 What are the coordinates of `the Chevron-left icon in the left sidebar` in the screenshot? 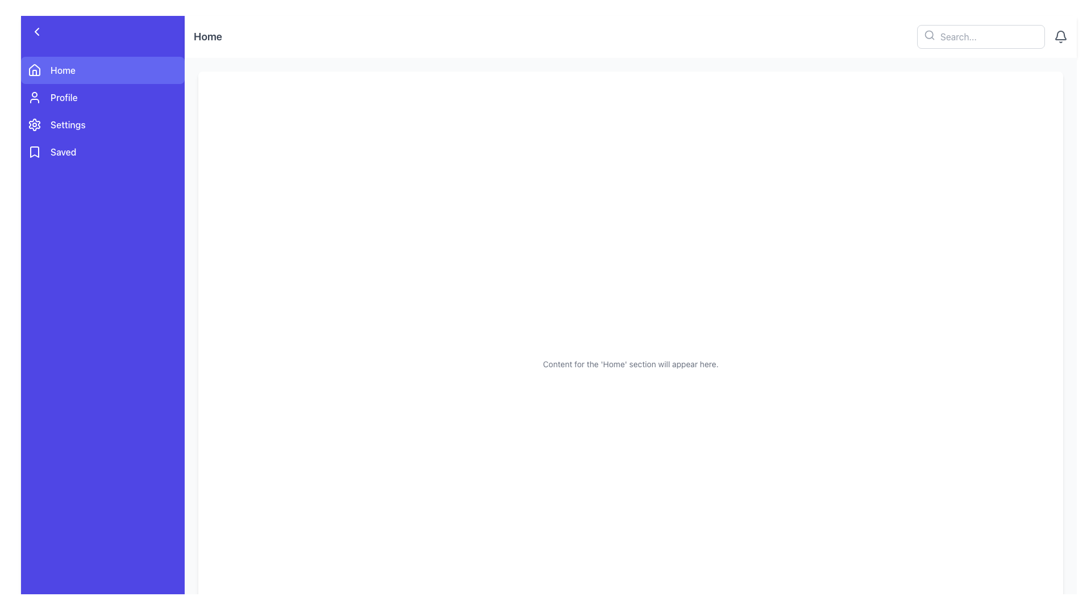 It's located at (37, 31).